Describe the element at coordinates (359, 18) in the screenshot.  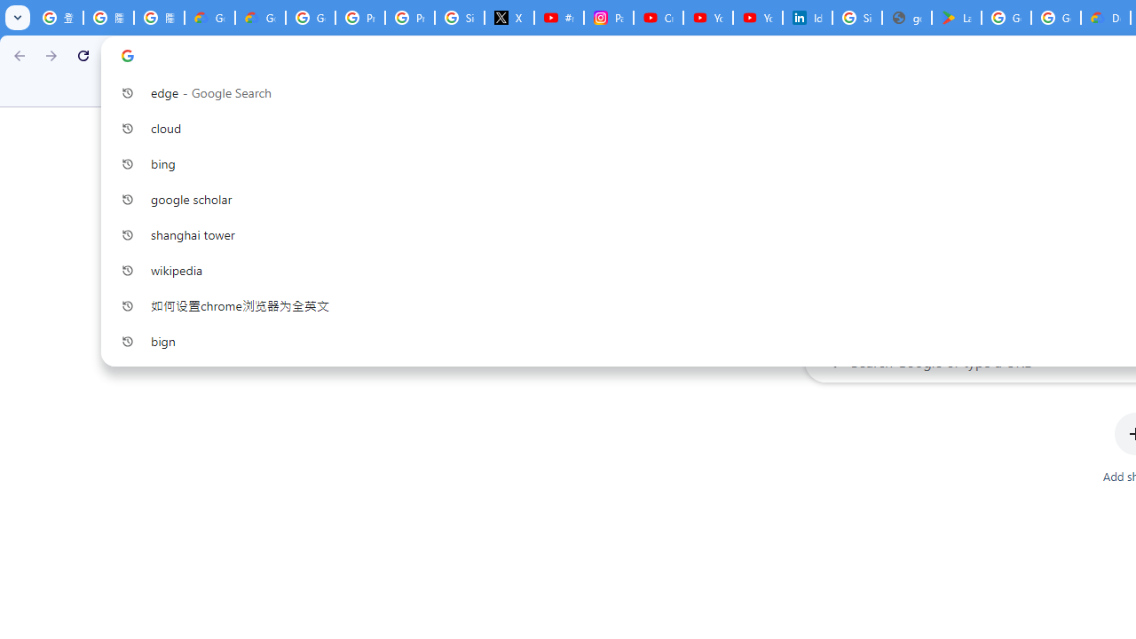
I see `'Privacy Help Center - Policies Help'` at that location.